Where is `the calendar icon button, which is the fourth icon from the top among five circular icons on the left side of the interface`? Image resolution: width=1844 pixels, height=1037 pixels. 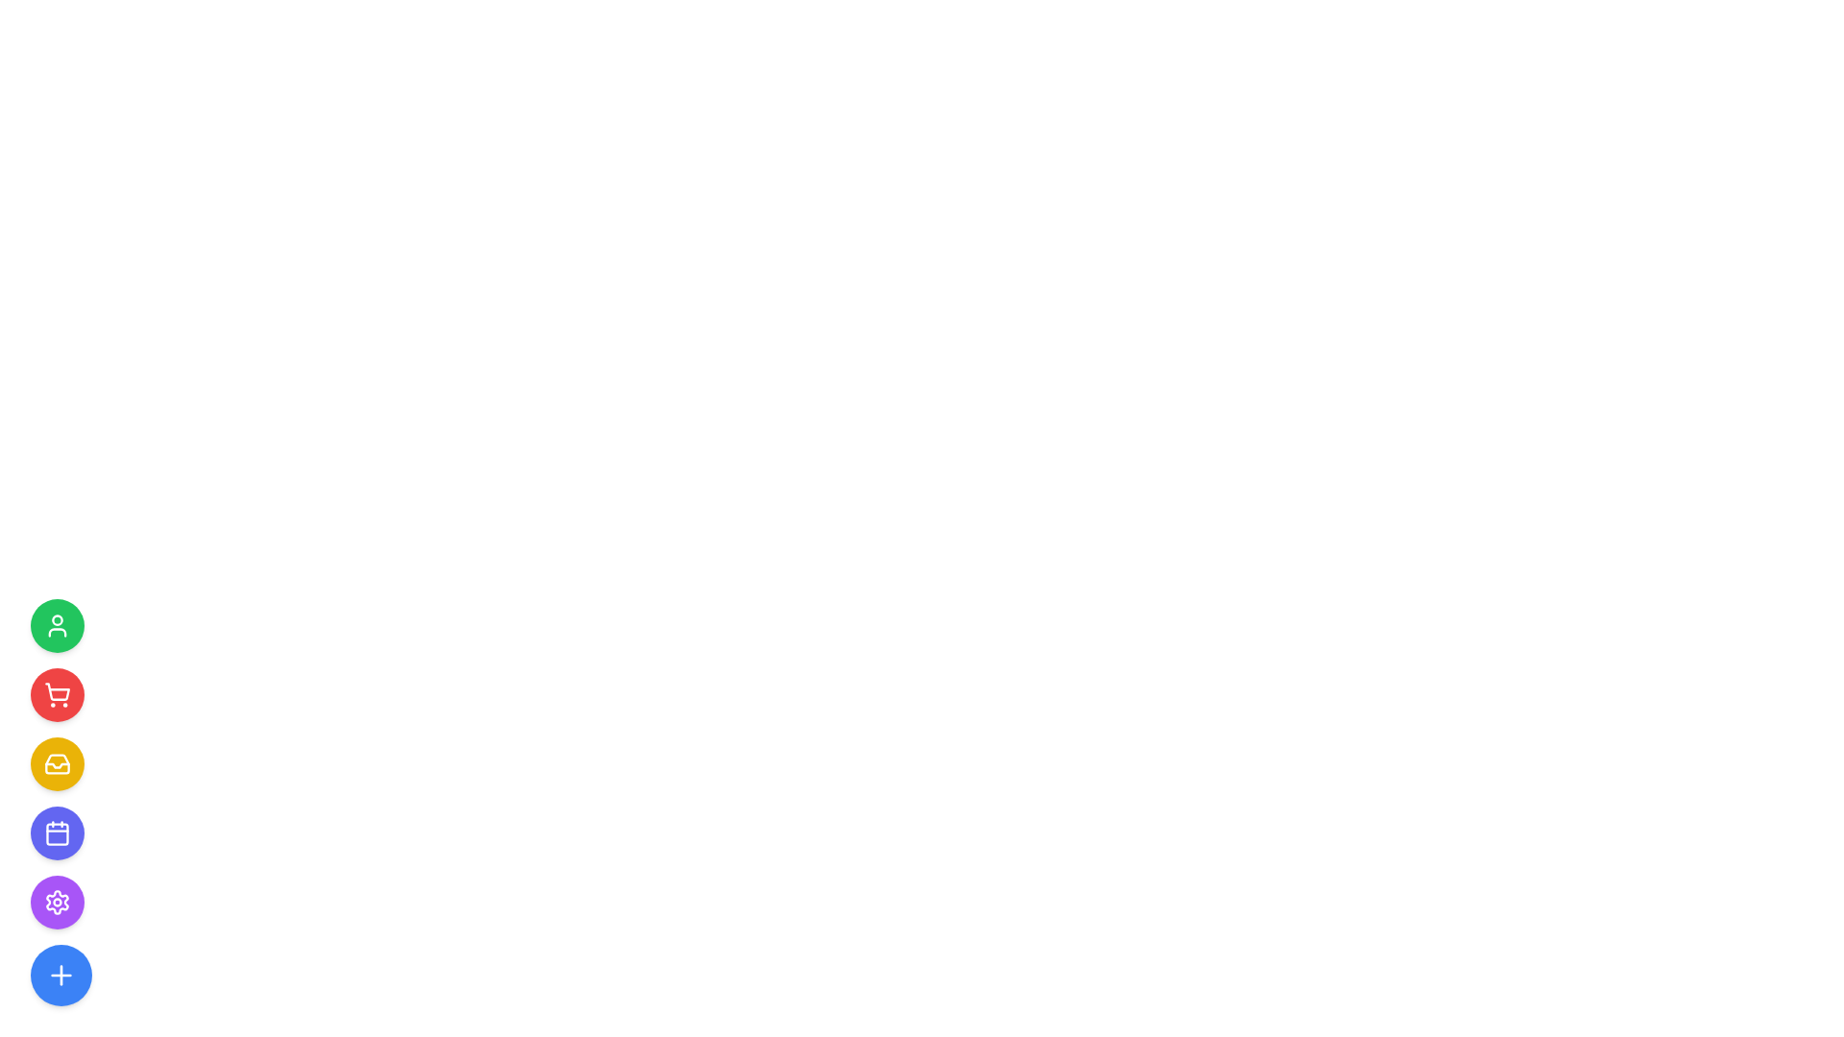
the calendar icon button, which is the fourth icon from the top among five circular icons on the left side of the interface is located at coordinates (57, 832).